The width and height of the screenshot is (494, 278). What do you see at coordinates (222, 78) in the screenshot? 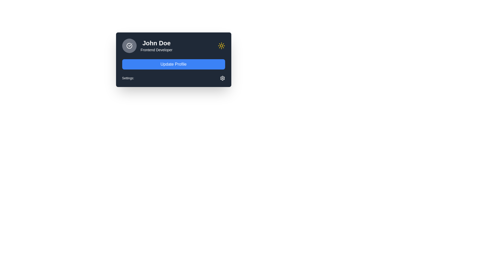
I see `the settings icon located in the top right corner of the user information card` at bounding box center [222, 78].